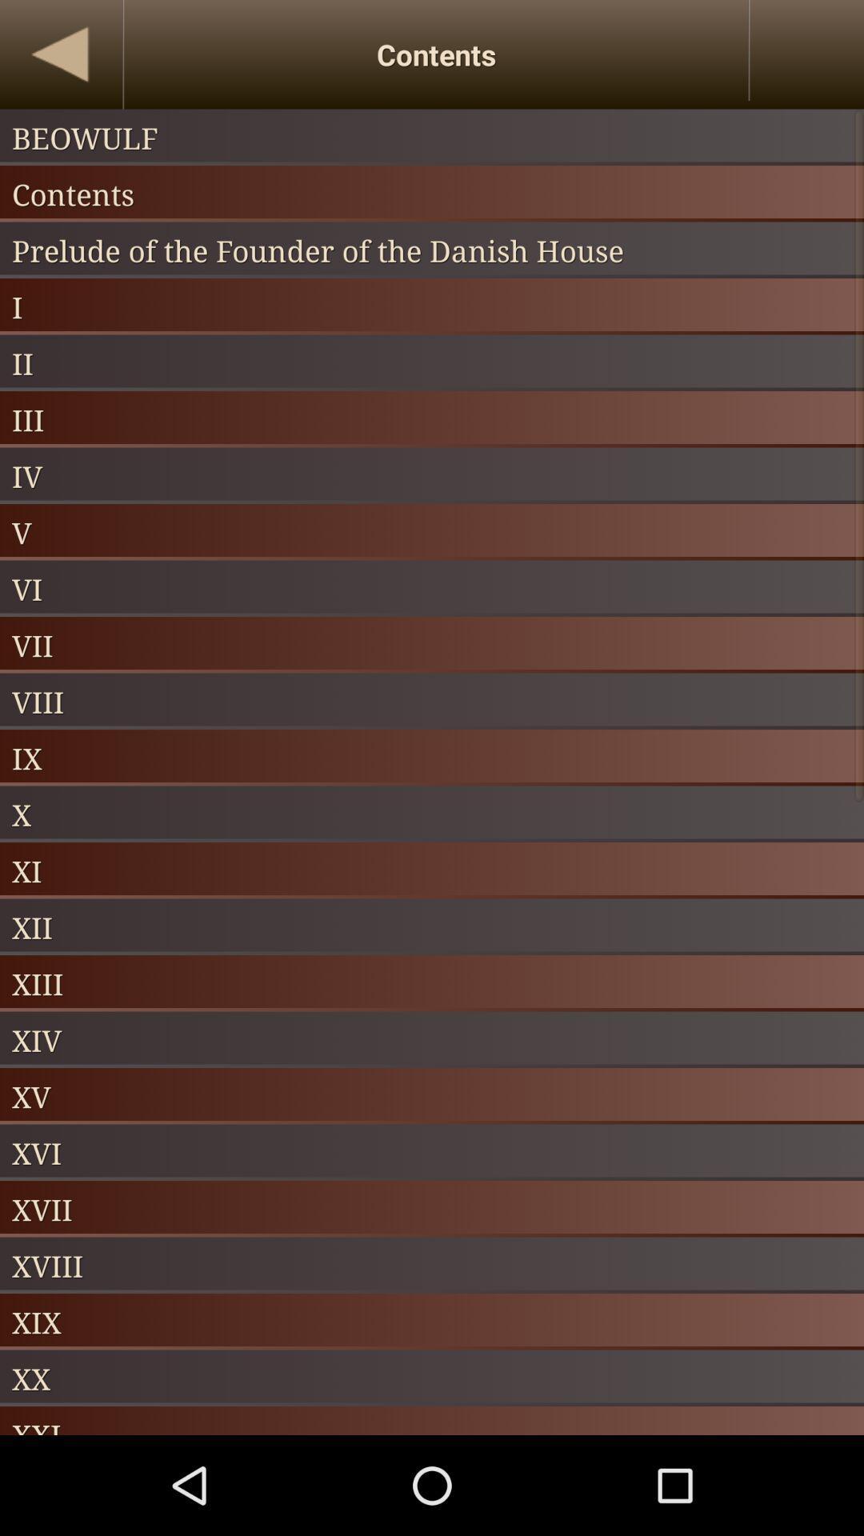 The image size is (864, 1536). What do you see at coordinates (432, 138) in the screenshot?
I see `beowulf` at bounding box center [432, 138].